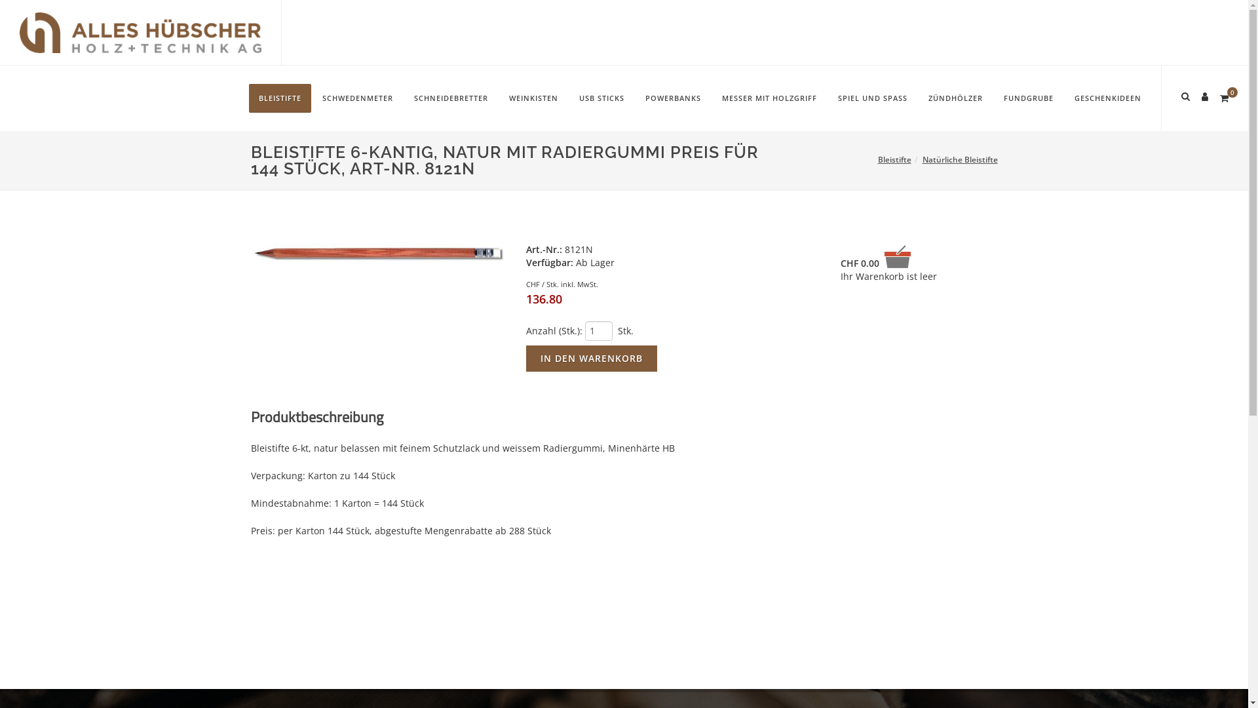  What do you see at coordinates (827, 98) in the screenshot?
I see `'SPIEL UND SPASS'` at bounding box center [827, 98].